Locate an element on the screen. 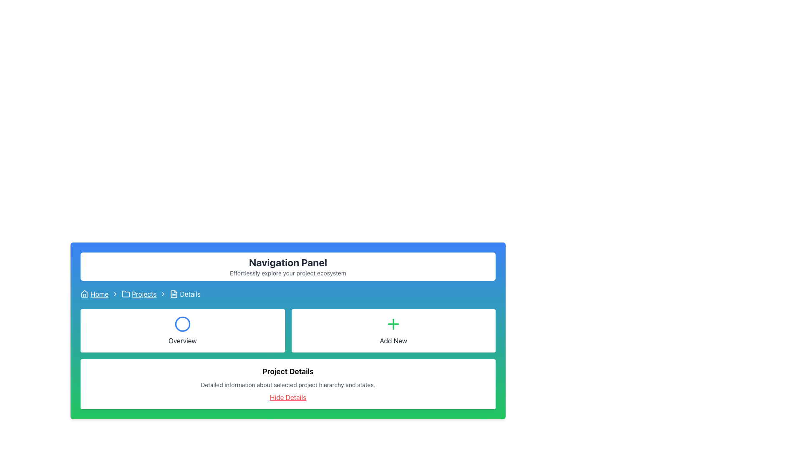 This screenshot has height=450, width=801. the document icon of the 'Details' breadcrumb item located in the breadcrumb navigation bar, which is the last item after 'Home' and 'Projects' is located at coordinates (185, 293).